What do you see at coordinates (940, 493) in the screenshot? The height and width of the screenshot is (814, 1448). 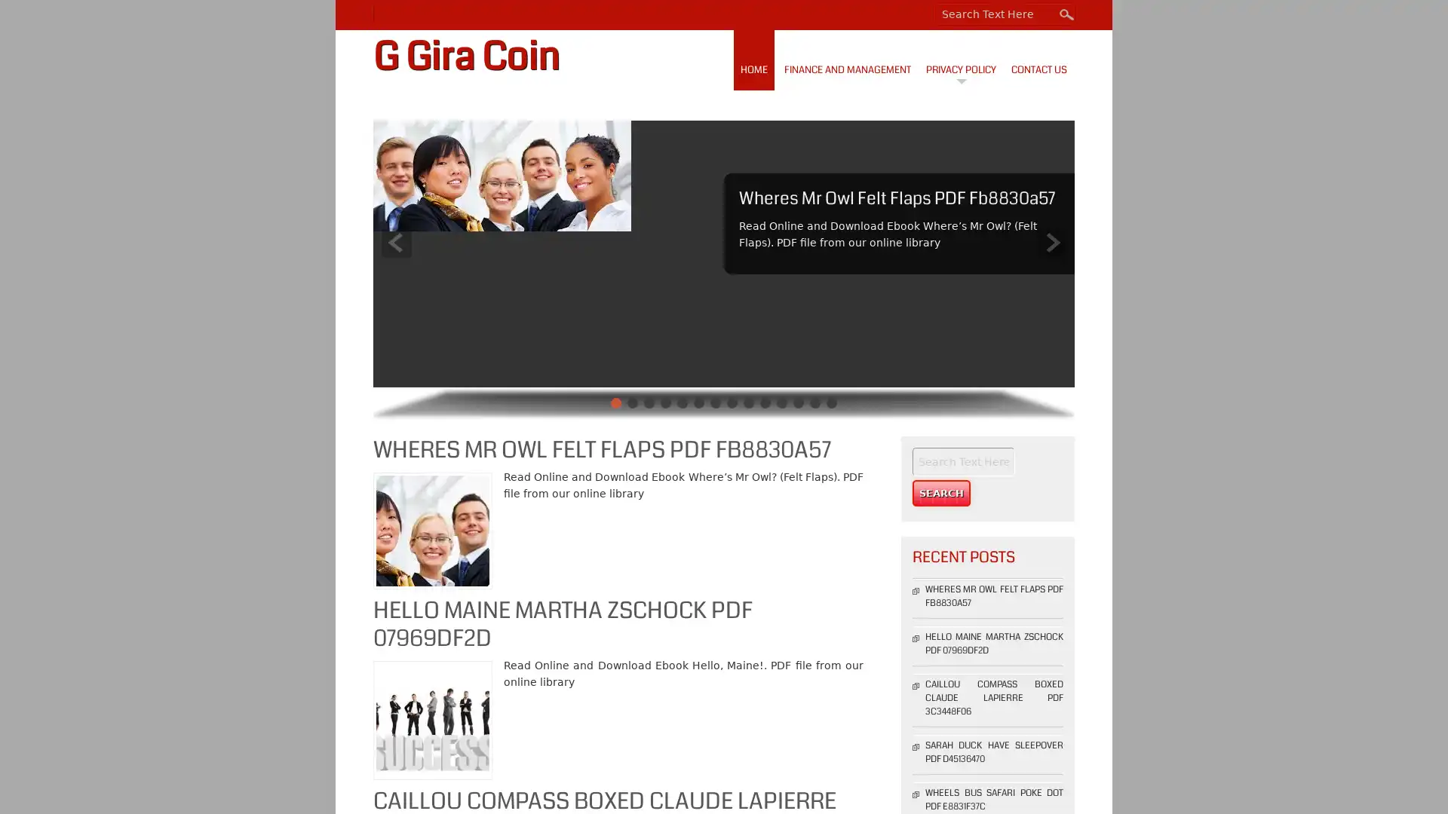 I see `Search` at bounding box center [940, 493].